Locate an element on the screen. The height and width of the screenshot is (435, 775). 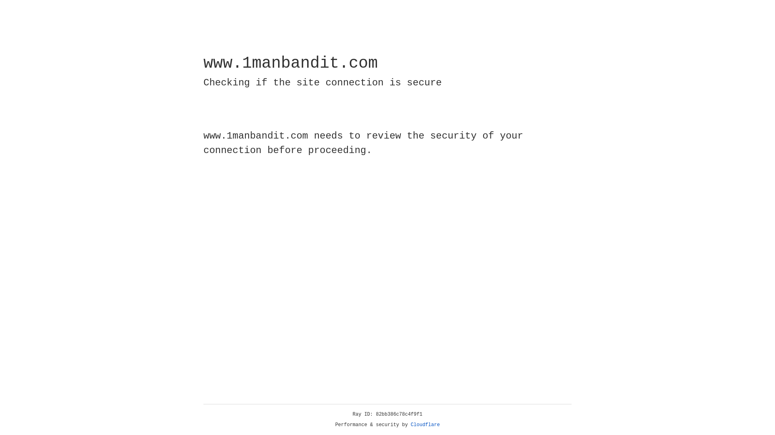
'Cloudflare' is located at coordinates (425, 425).